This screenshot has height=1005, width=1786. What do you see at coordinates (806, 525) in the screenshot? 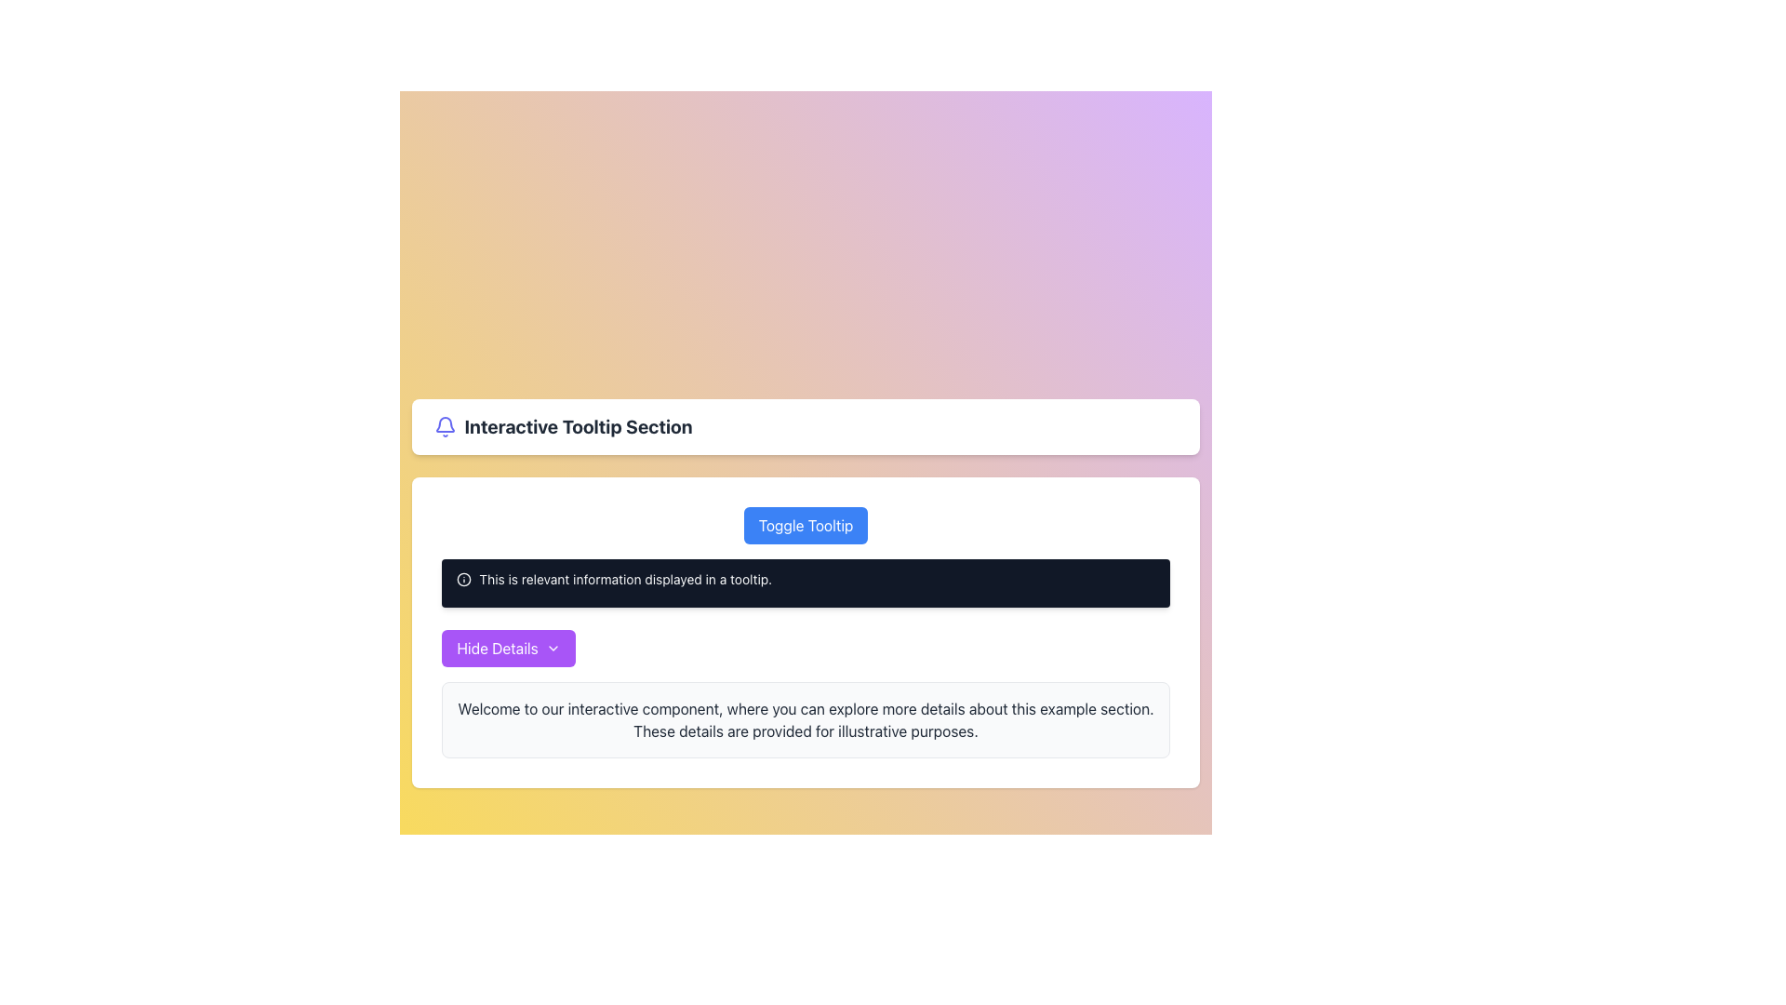
I see `the button located above the black tooltip strip labeled 'This is relevant information displayed in a tooltip'` at bounding box center [806, 525].